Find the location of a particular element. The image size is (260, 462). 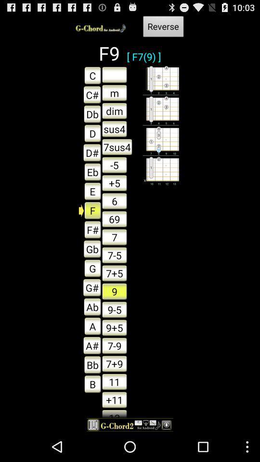

item to the left of the 7-9 is located at coordinates (90, 364).